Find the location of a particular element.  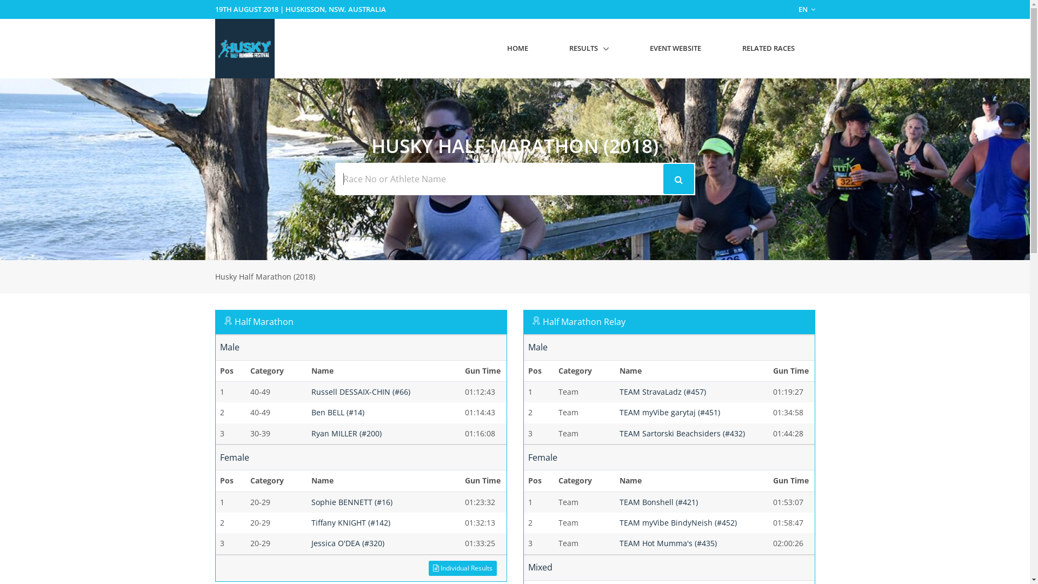

'TEAM StravaLadz (#457)' is located at coordinates (662, 391).